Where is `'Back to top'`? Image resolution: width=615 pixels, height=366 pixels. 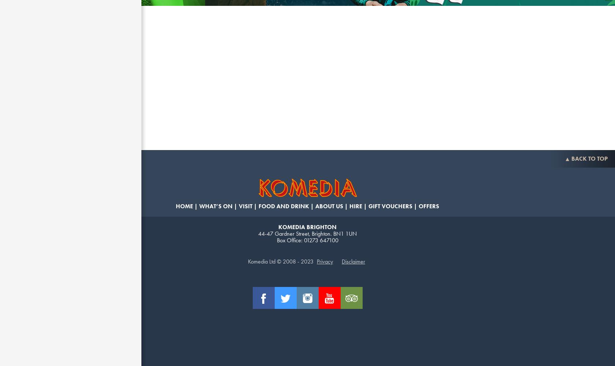
'Back to top' is located at coordinates (571, 158).